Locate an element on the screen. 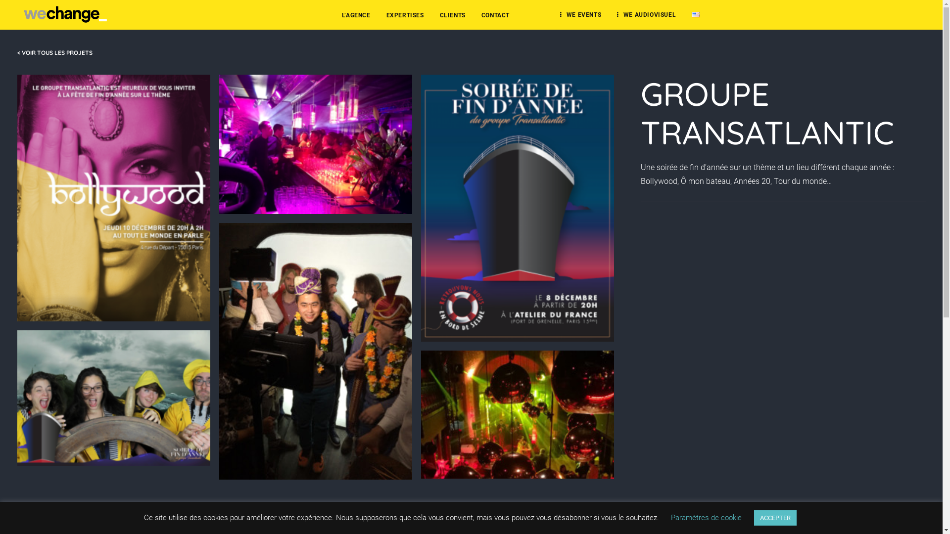 This screenshot has width=950, height=534. 'EXPERTISES' is located at coordinates (405, 15).